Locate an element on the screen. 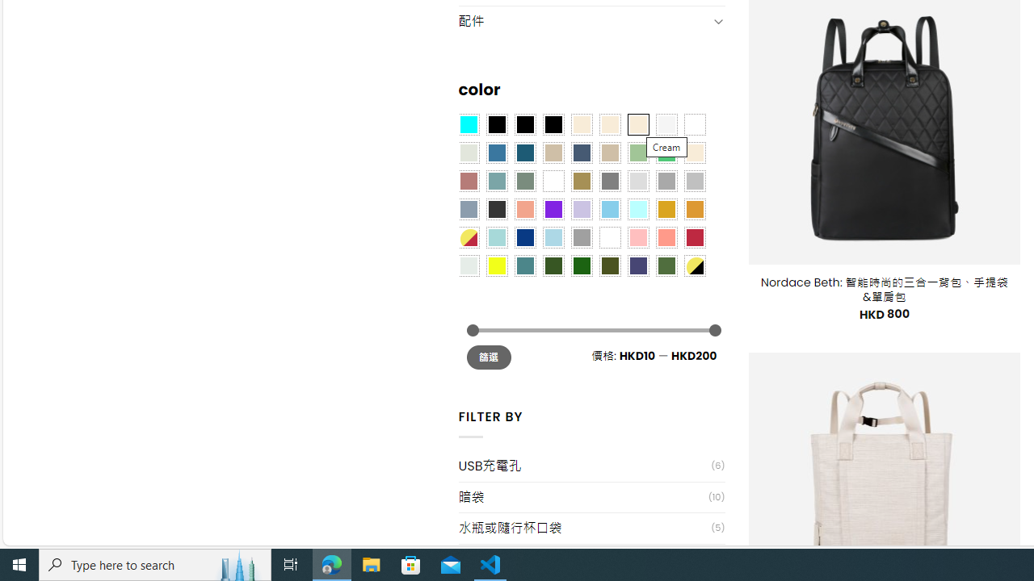  'Cream' is located at coordinates (637, 123).